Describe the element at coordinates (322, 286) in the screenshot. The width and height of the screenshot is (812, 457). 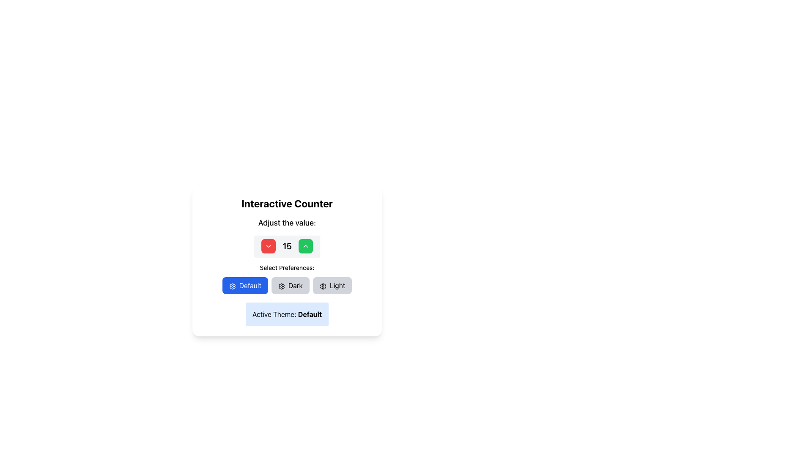
I see `the settings icon for the 'Light' theme option, which is located to the left of the text label 'Light' in the lower right section of the window` at that location.